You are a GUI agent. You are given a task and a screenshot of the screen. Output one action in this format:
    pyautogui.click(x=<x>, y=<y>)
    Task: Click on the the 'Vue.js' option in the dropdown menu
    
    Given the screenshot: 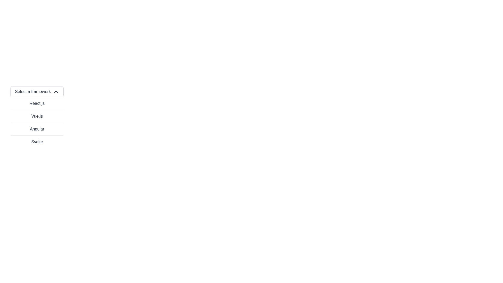 What is the action you would take?
    pyautogui.click(x=37, y=116)
    